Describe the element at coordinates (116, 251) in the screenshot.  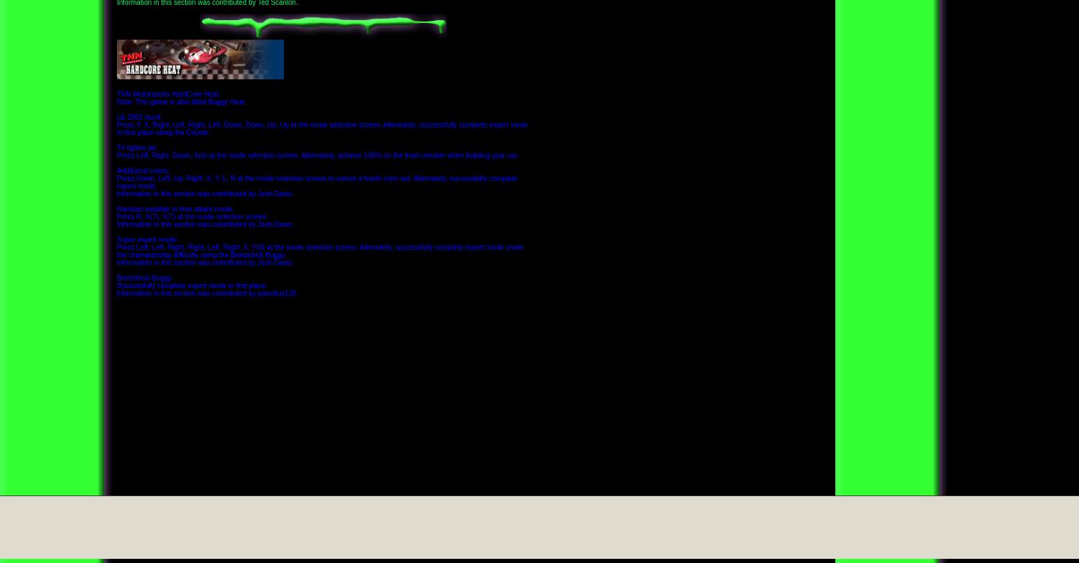
I see `'Press Left, Left, Right, Right, Left, Right, X, Y(8) at the mode selection screen. Alternately, successfully complete expert mode under the championship difficulty using the Beelzebub Buggy.'` at that location.